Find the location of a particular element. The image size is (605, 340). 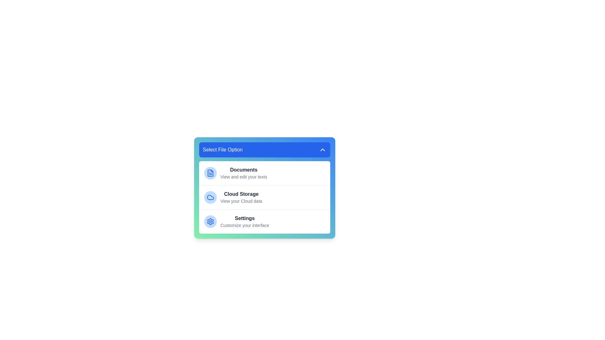

the 'Settings' icon located at the right side of the 'Settings' option in the dropdown interface, which visually represents configuration options is located at coordinates (210, 221).